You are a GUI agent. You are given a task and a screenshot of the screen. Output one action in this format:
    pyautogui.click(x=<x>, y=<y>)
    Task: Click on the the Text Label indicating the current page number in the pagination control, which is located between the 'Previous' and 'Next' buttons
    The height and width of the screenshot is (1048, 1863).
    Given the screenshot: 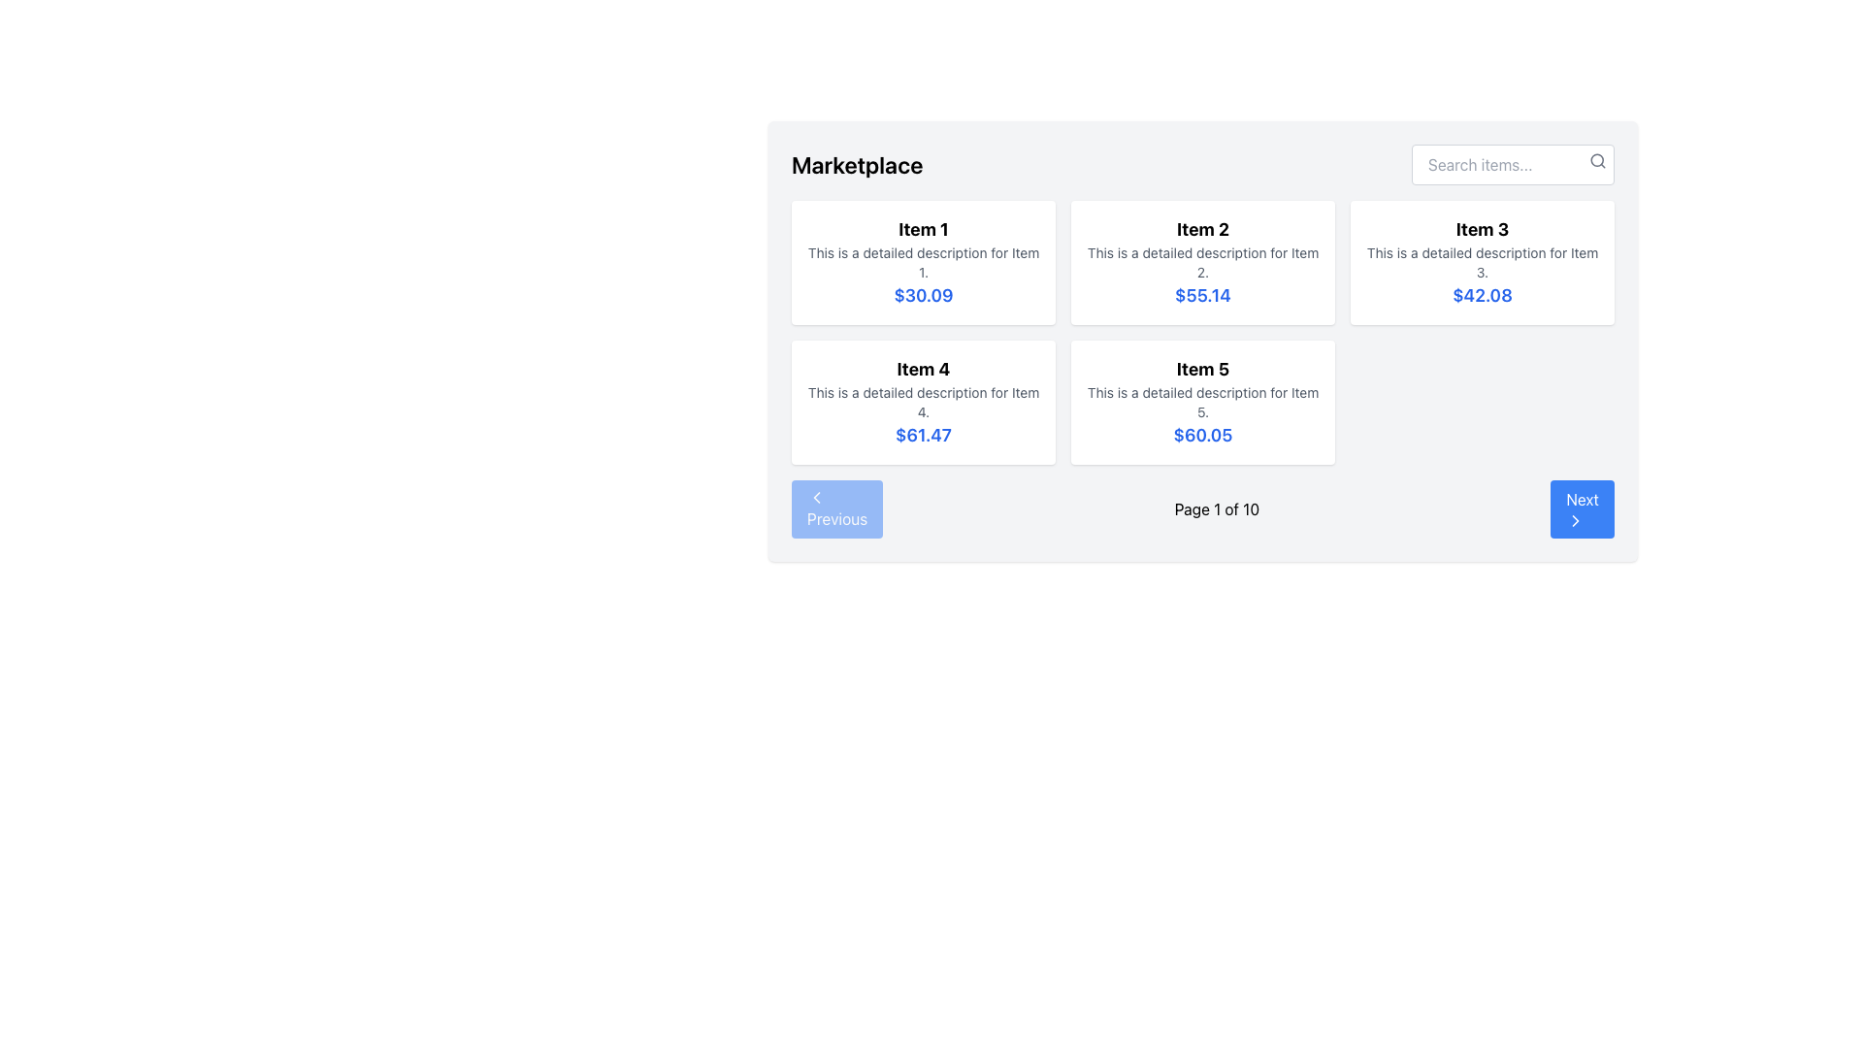 What is the action you would take?
    pyautogui.click(x=1216, y=508)
    